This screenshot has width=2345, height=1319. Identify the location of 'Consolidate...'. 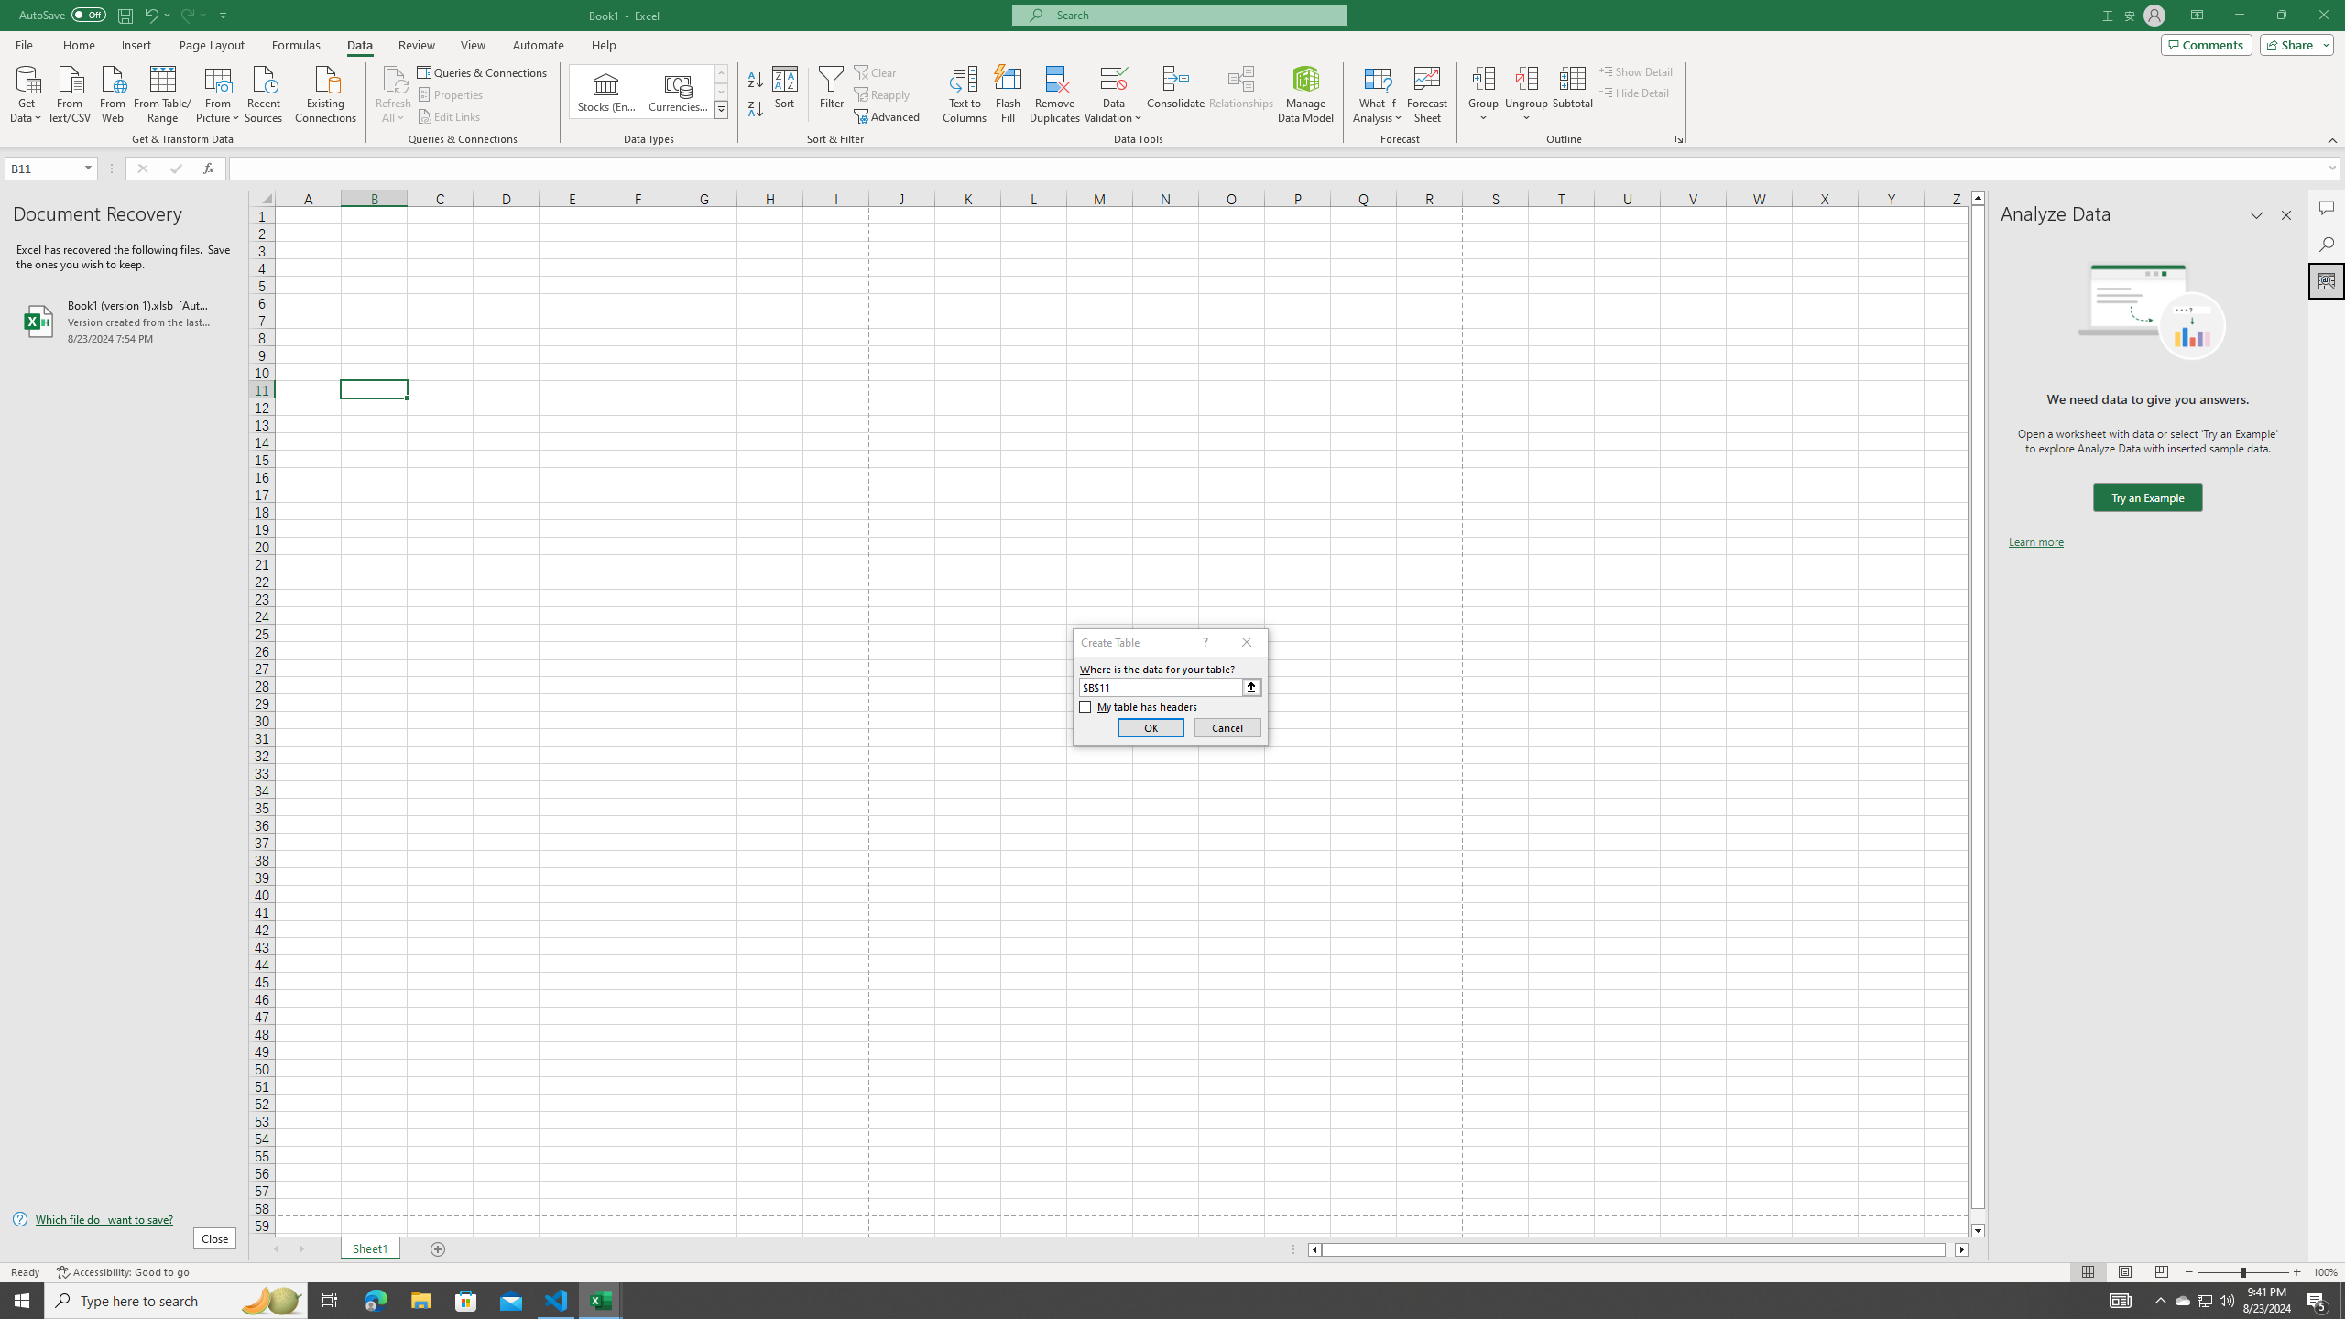
(1175, 94).